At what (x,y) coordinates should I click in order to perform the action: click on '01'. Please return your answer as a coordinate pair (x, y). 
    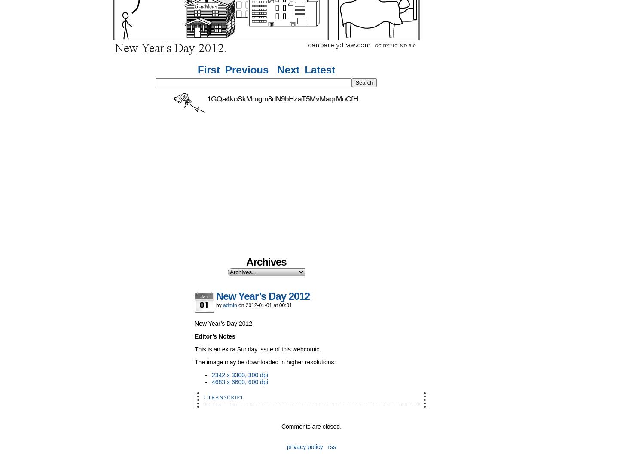
    Looking at the image, I should click on (204, 304).